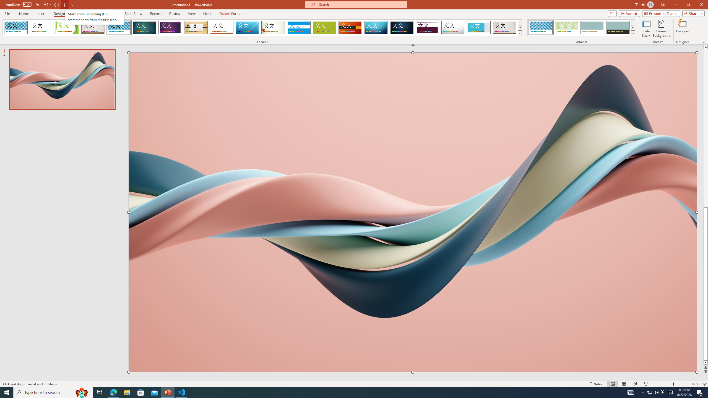 The image size is (708, 398). Describe the element at coordinates (350, 27) in the screenshot. I see `'Berlin'` at that location.